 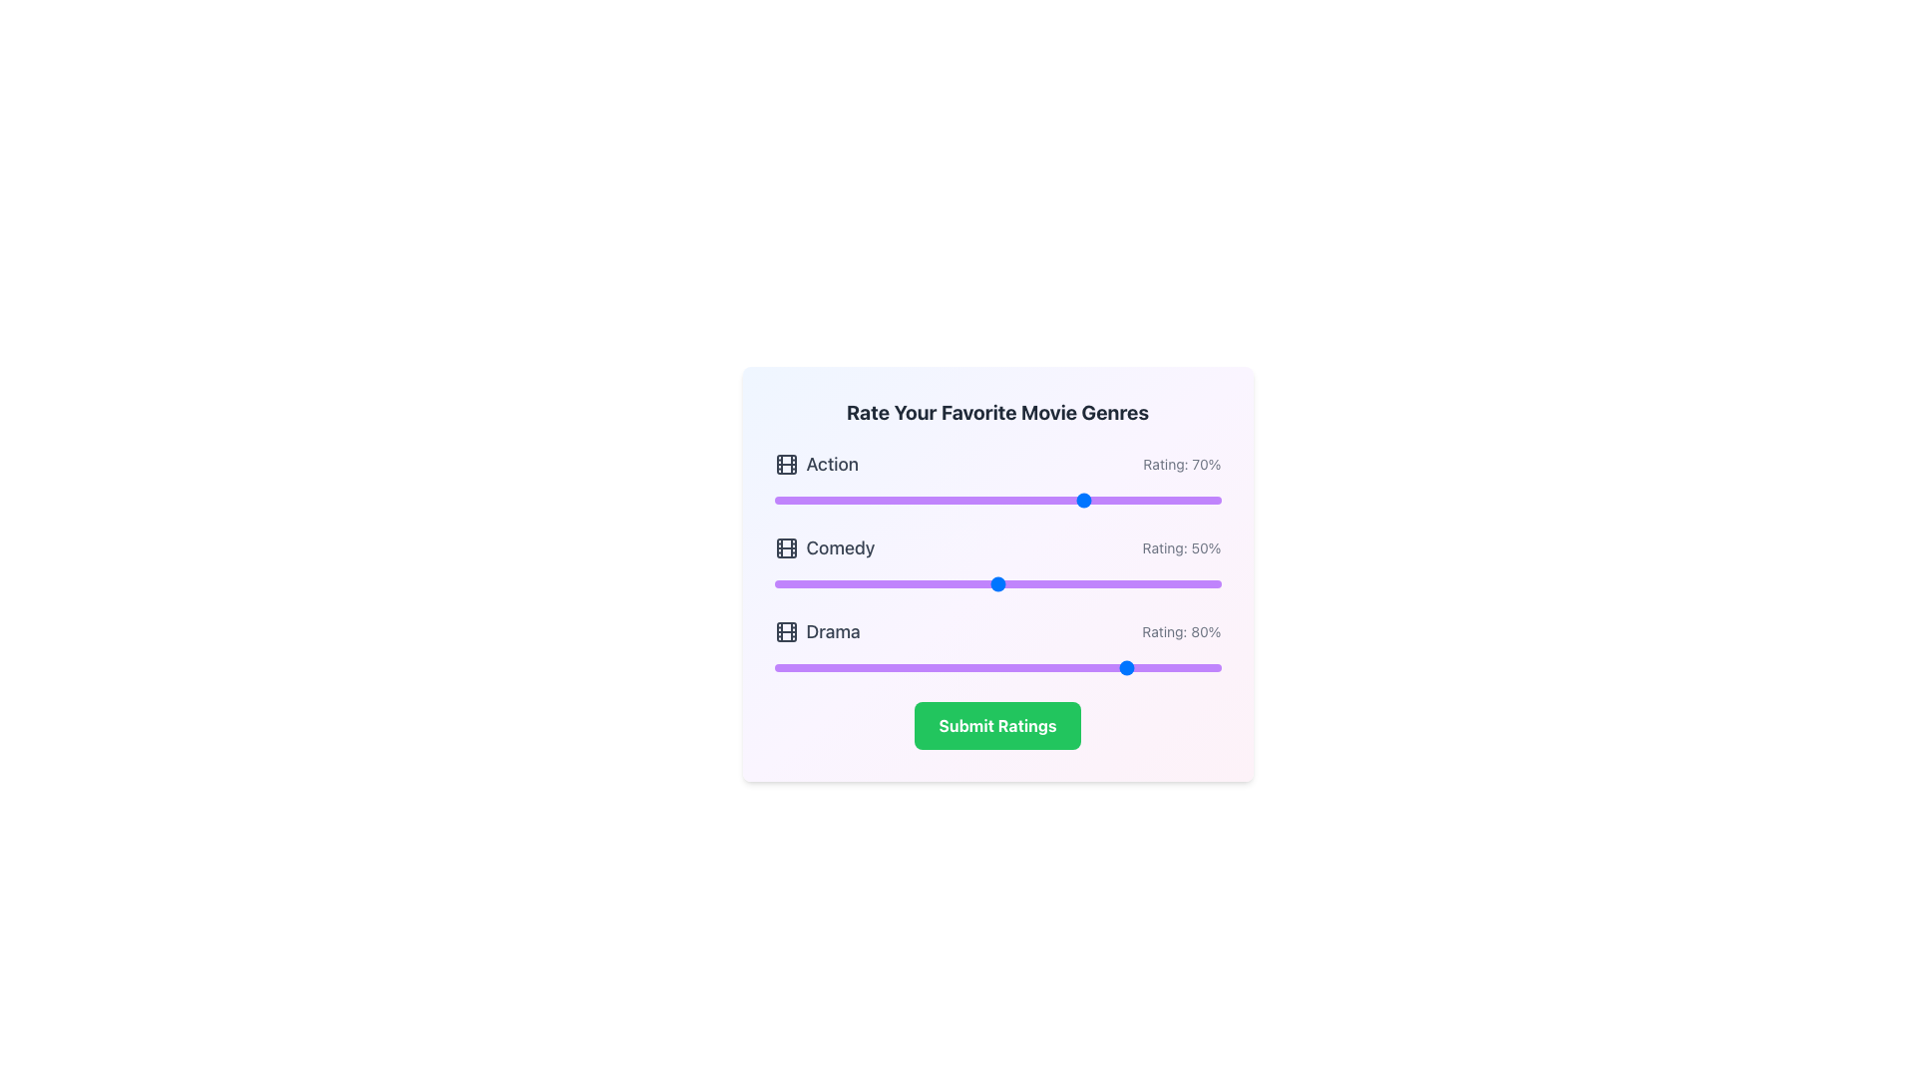 I want to click on the 'Action' movie genre rating, so click(x=979, y=499).